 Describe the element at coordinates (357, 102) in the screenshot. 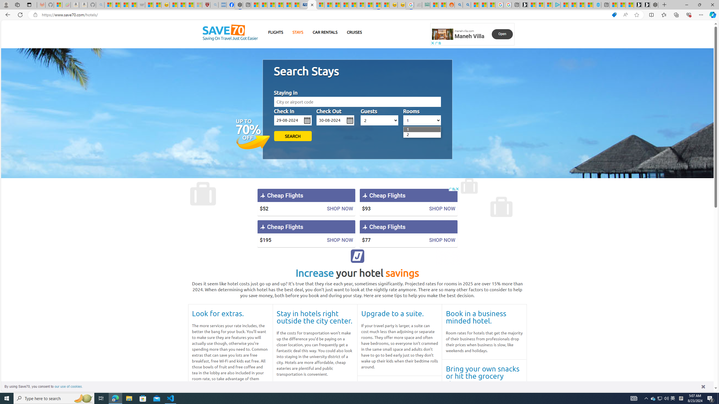

I see `'City or airport code'` at that location.